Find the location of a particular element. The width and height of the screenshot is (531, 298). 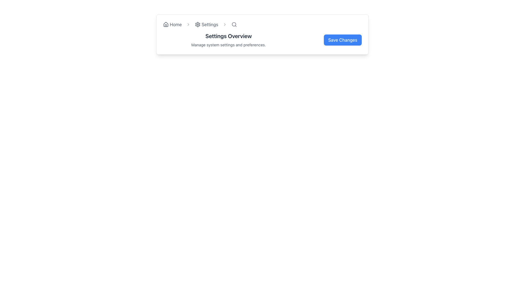

the 'Settings' hyperlink, which includes a gear icon and the text 'Settings' is located at coordinates (206, 24).